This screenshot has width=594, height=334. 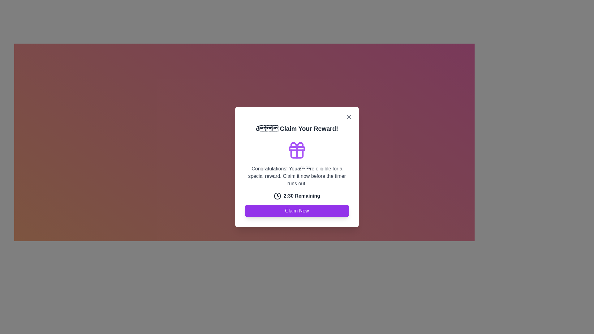 What do you see at coordinates (297, 211) in the screenshot?
I see `the 'Claim Now' button, which is a vibrant purple rectangular button with rounded corners at the bottom of a modal window` at bounding box center [297, 211].